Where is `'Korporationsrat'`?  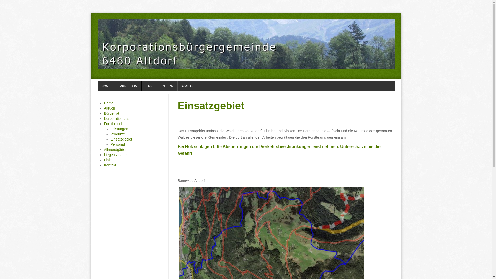
'Korporationsrat' is located at coordinates (116, 119).